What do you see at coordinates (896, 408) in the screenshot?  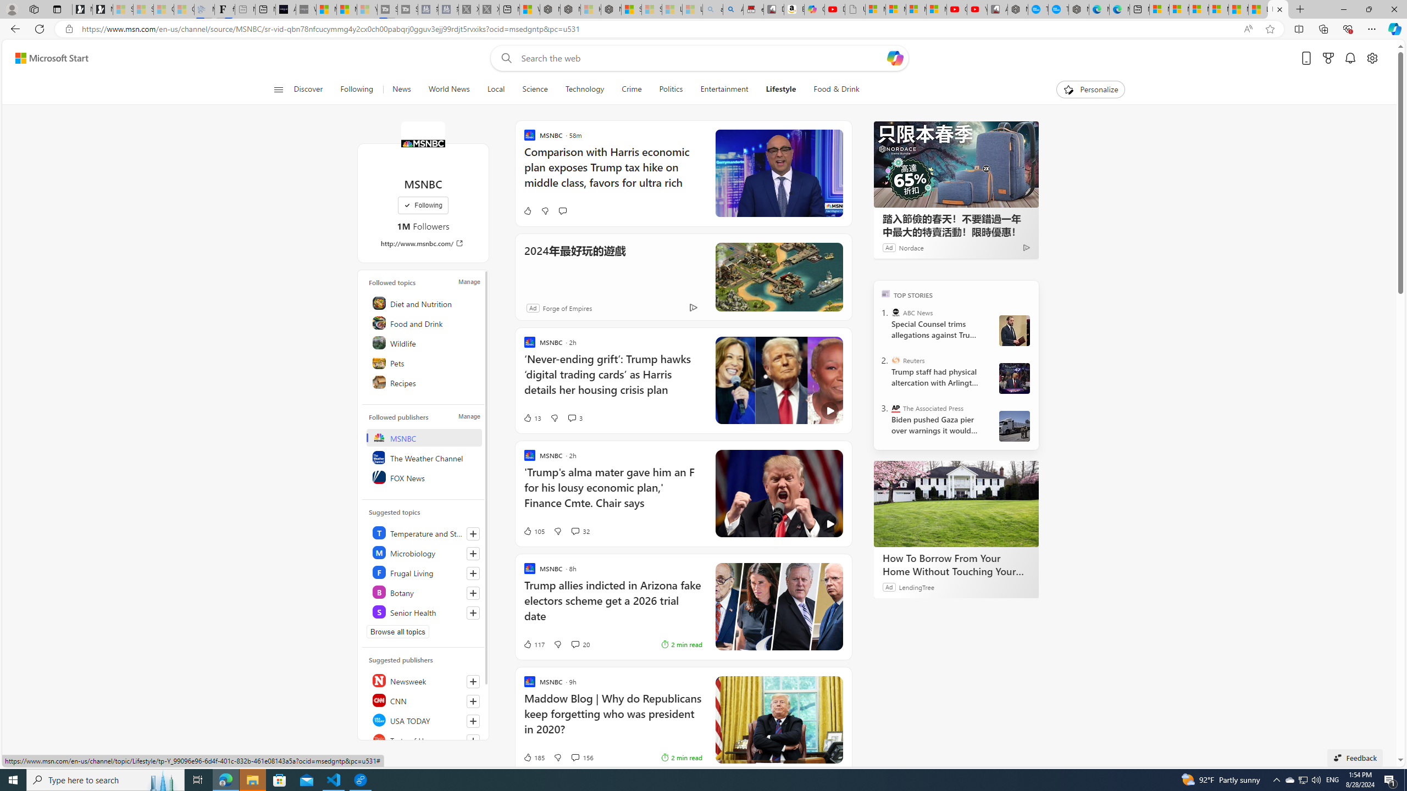 I see `'The Associated Press'` at bounding box center [896, 408].